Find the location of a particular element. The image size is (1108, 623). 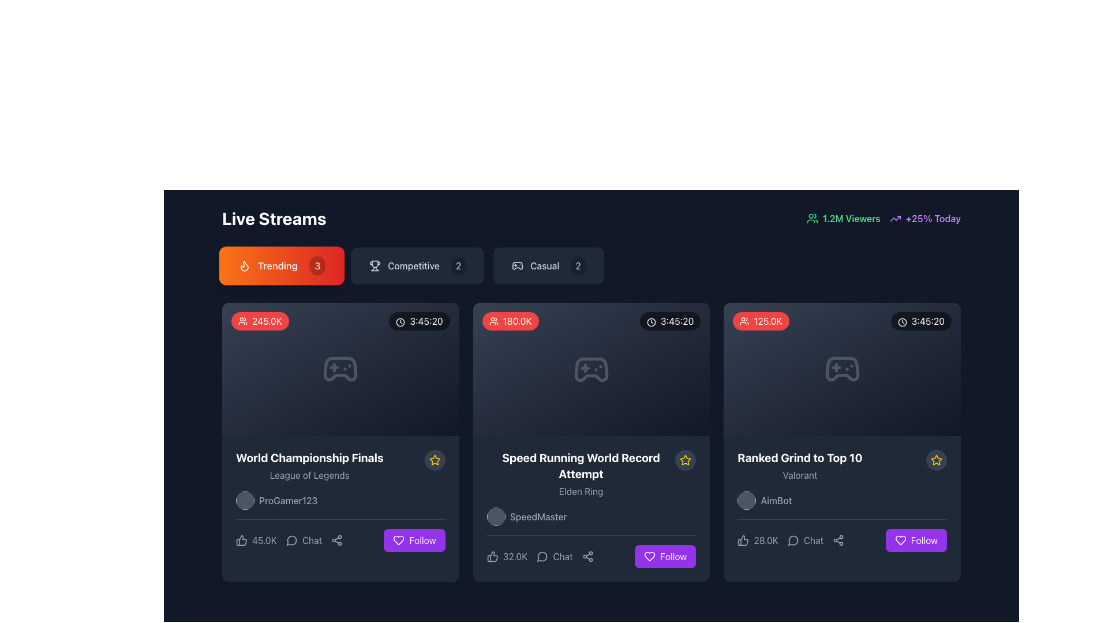

the share button with an icon located in the bottom right corner of the 'World Championship Finals' card to change its appearance is located at coordinates (336, 541).